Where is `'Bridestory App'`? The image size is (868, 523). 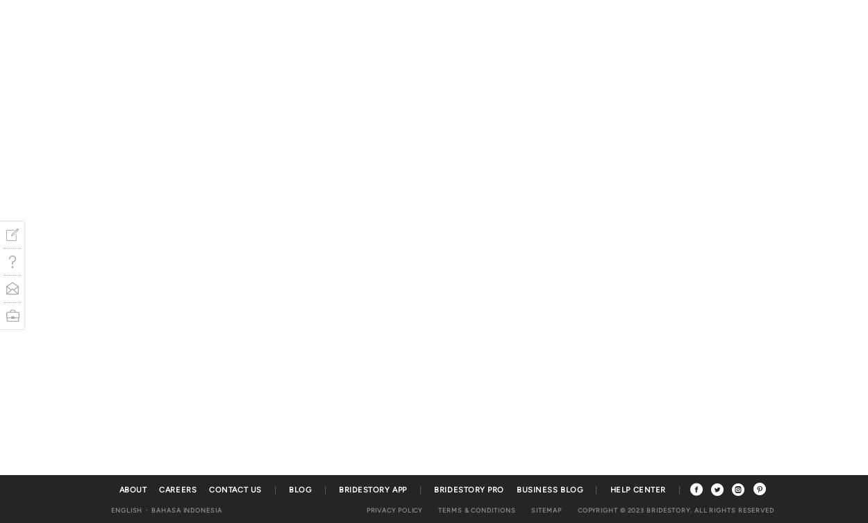
'Bridestory App' is located at coordinates (372, 489).